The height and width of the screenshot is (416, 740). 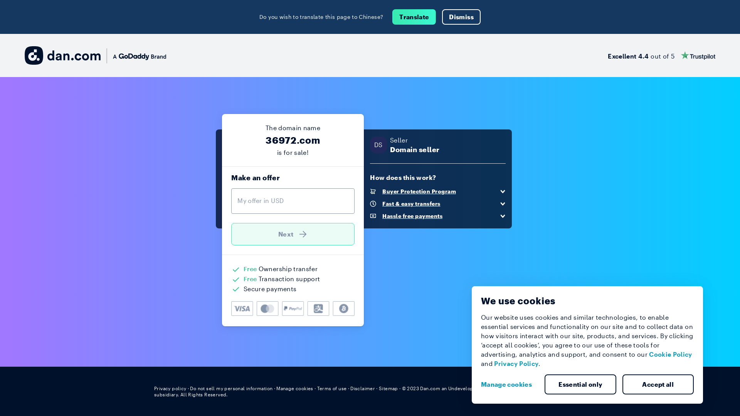 I want to click on 'Privacy Policy', so click(x=516, y=363).